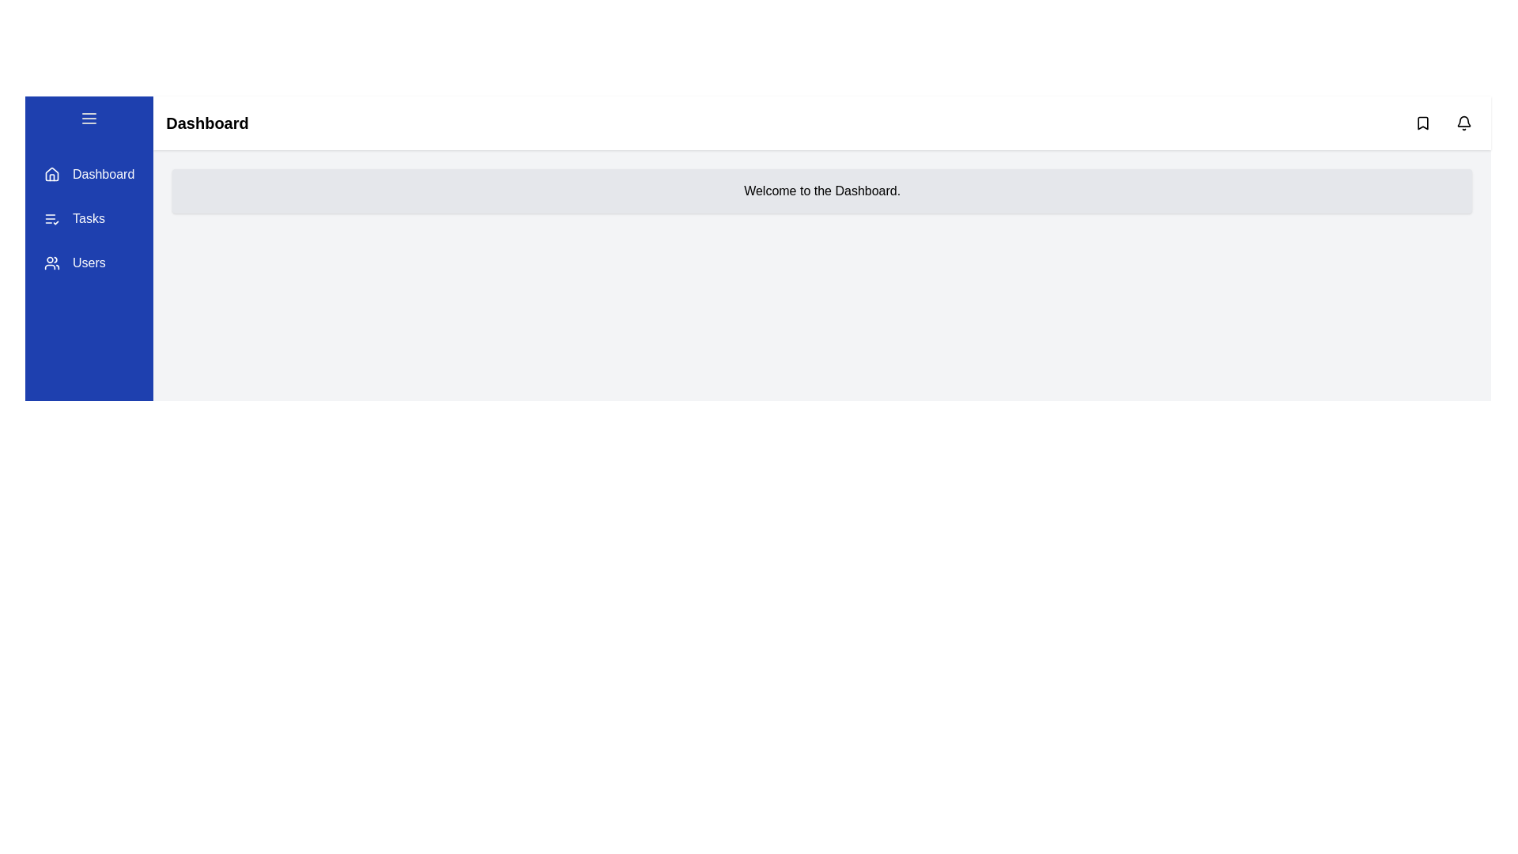 The width and height of the screenshot is (1518, 854). I want to click on the notifications button located in the top-right corner of the interface, so click(1463, 122).